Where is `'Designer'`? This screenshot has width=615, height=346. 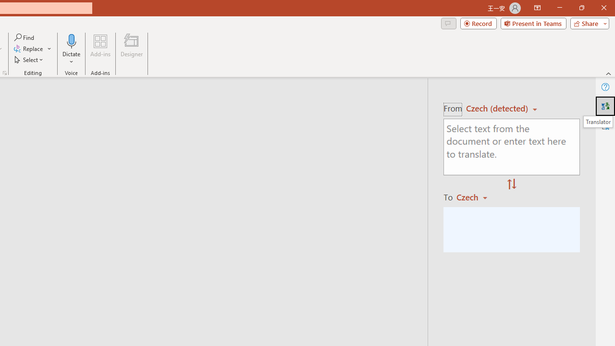
'Designer' is located at coordinates (131, 49).